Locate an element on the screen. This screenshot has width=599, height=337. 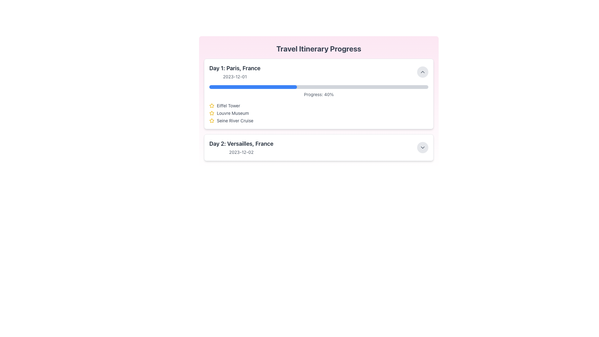
the yellow star icon representing a rating next to 'Louvre Museum' is located at coordinates (212, 113).